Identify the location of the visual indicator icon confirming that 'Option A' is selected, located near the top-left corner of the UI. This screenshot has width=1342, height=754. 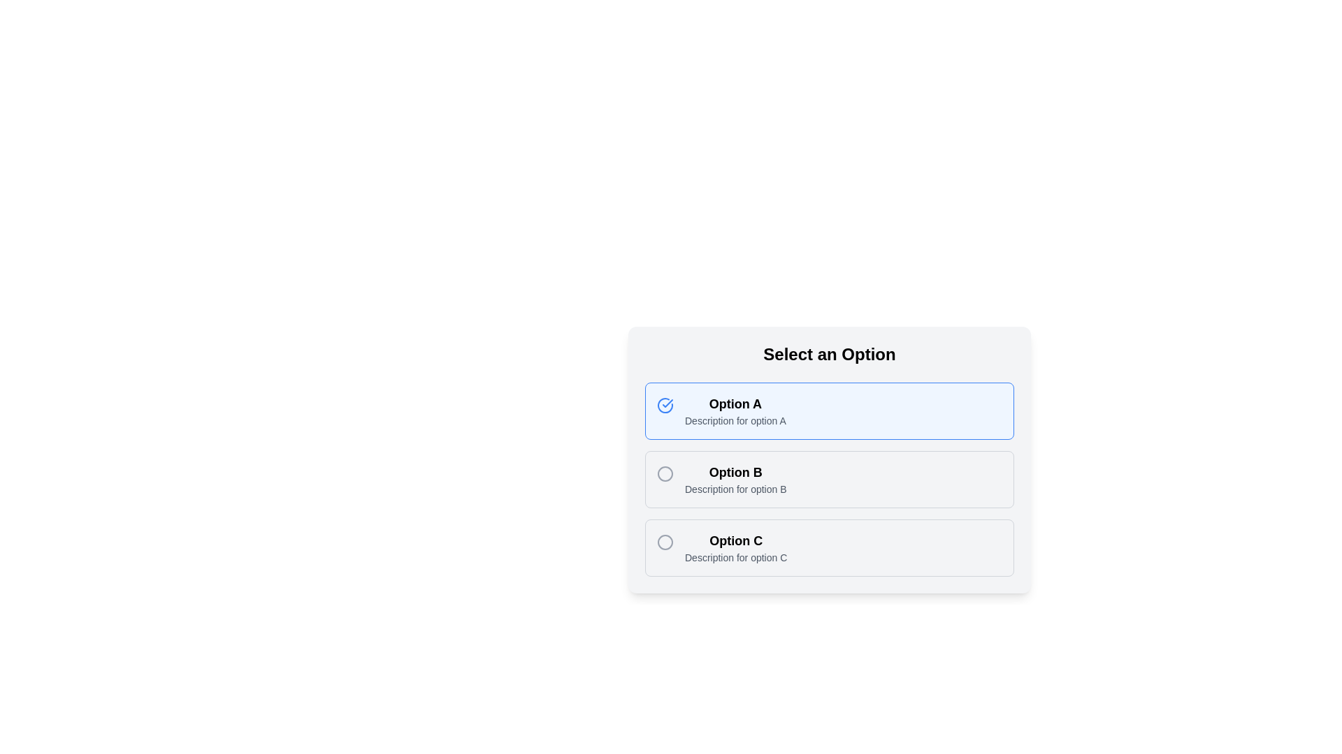
(664, 406).